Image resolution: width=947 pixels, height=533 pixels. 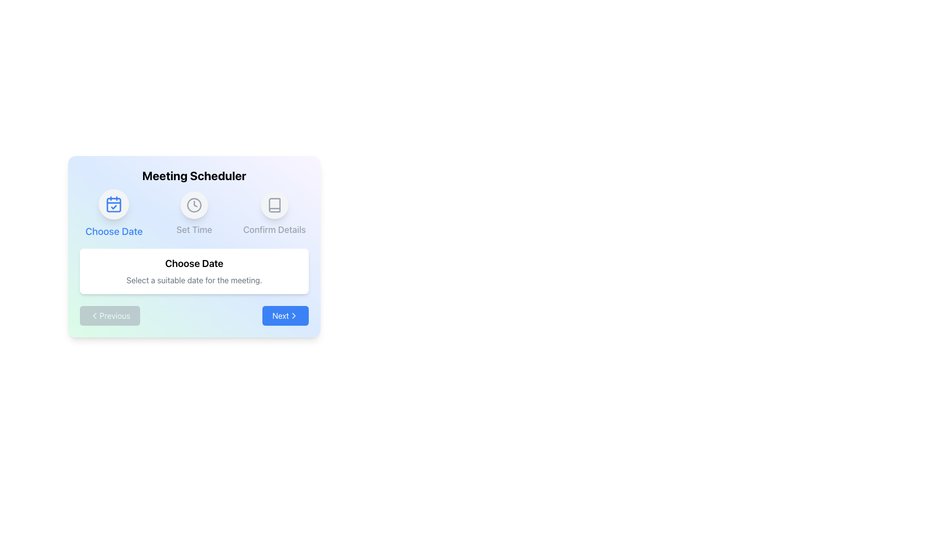 I want to click on the 'Confirm Details' icon with text label, which is a gray book icon on a light-gray circular background located in the 'Meeting Scheduler' section, so click(x=274, y=214).